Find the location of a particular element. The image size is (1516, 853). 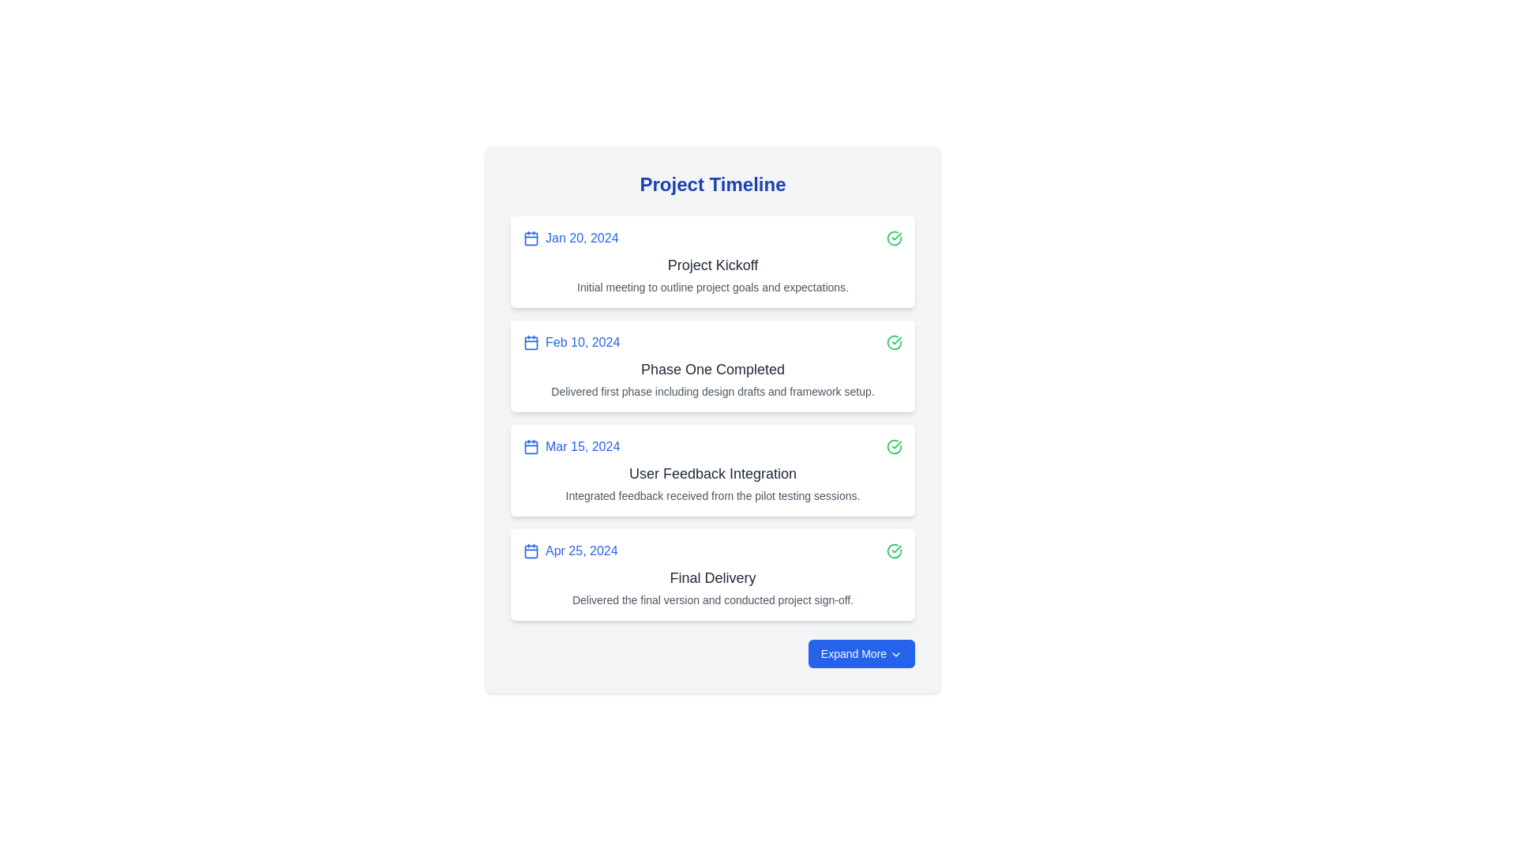

date displayed on the text label located to the right of the calendar icon in the fourth entry of the vertical timeline is located at coordinates (580, 551).